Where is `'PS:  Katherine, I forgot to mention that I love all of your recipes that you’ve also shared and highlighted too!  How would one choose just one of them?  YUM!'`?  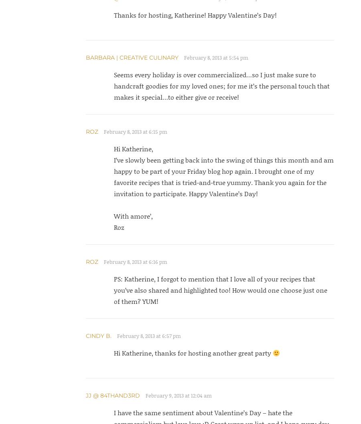
'PS:  Katherine, I forgot to mention that I love all of your recipes that you’ve also shared and highlighted too!  How would one choose just one of them?  YUM!' is located at coordinates (113, 290).